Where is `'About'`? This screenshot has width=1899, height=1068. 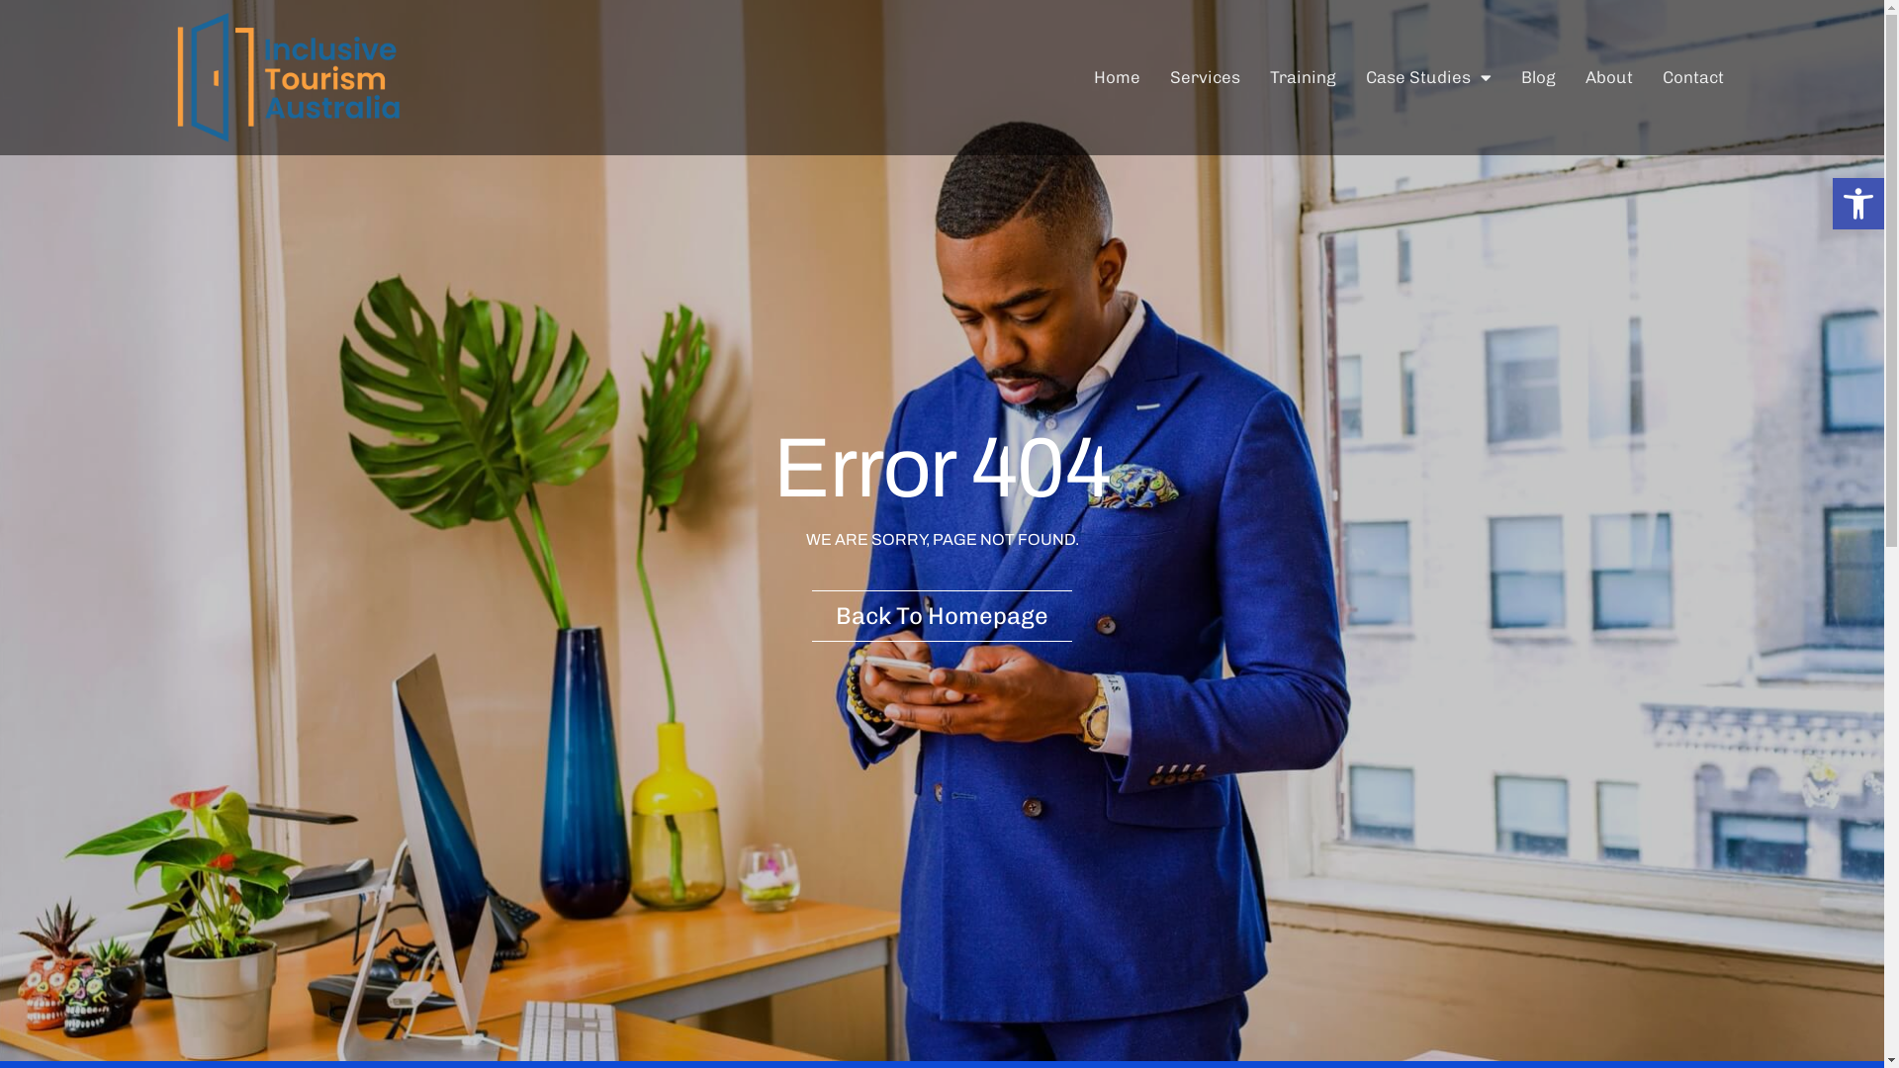
'About' is located at coordinates (1608, 75).